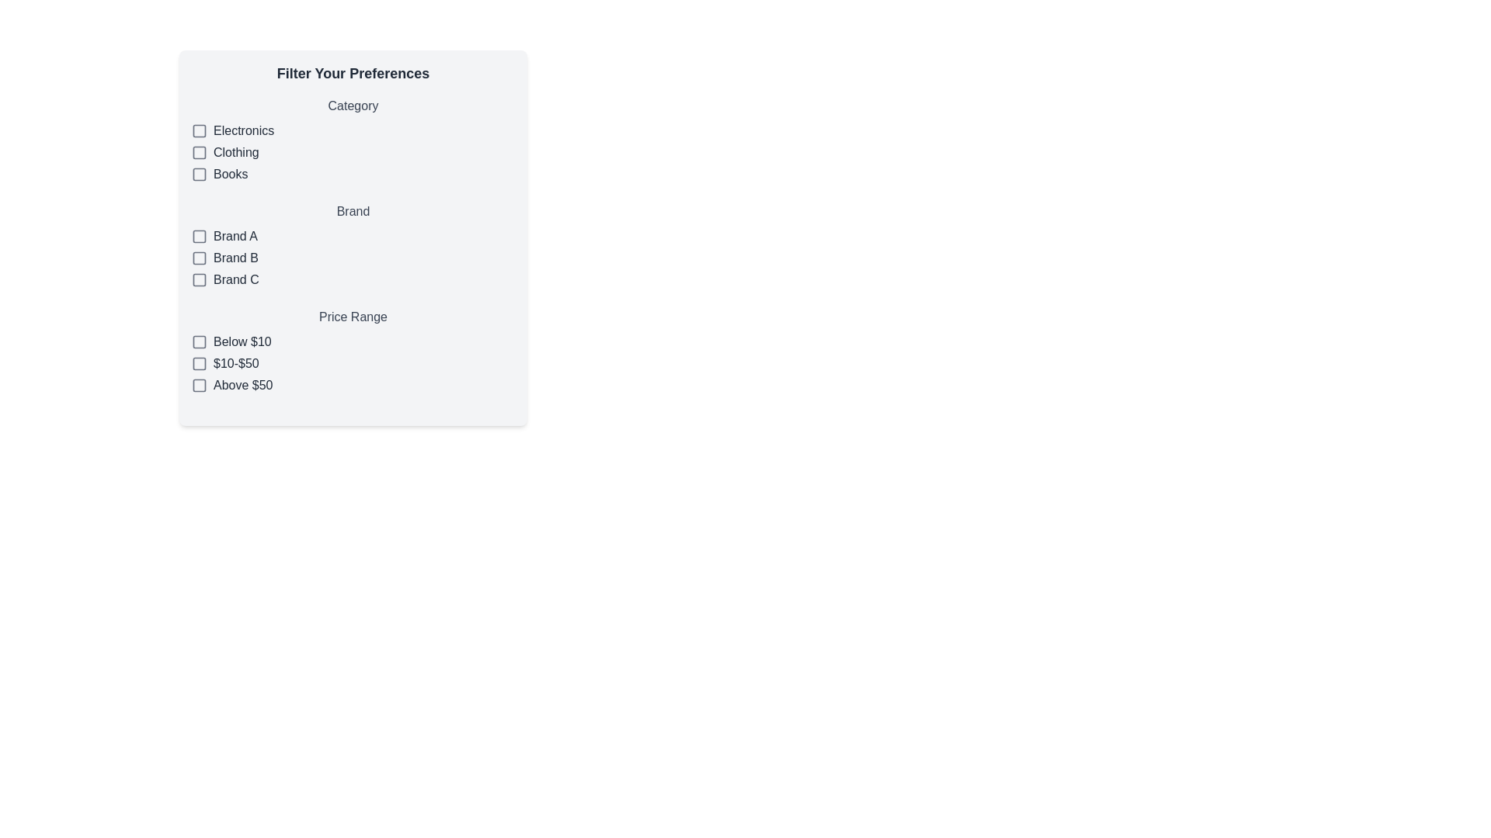 The image size is (1491, 838). Describe the element at coordinates (199, 341) in the screenshot. I see `the empty checkbox located in the 'Price Range' section under the 'Below $10' label` at that location.